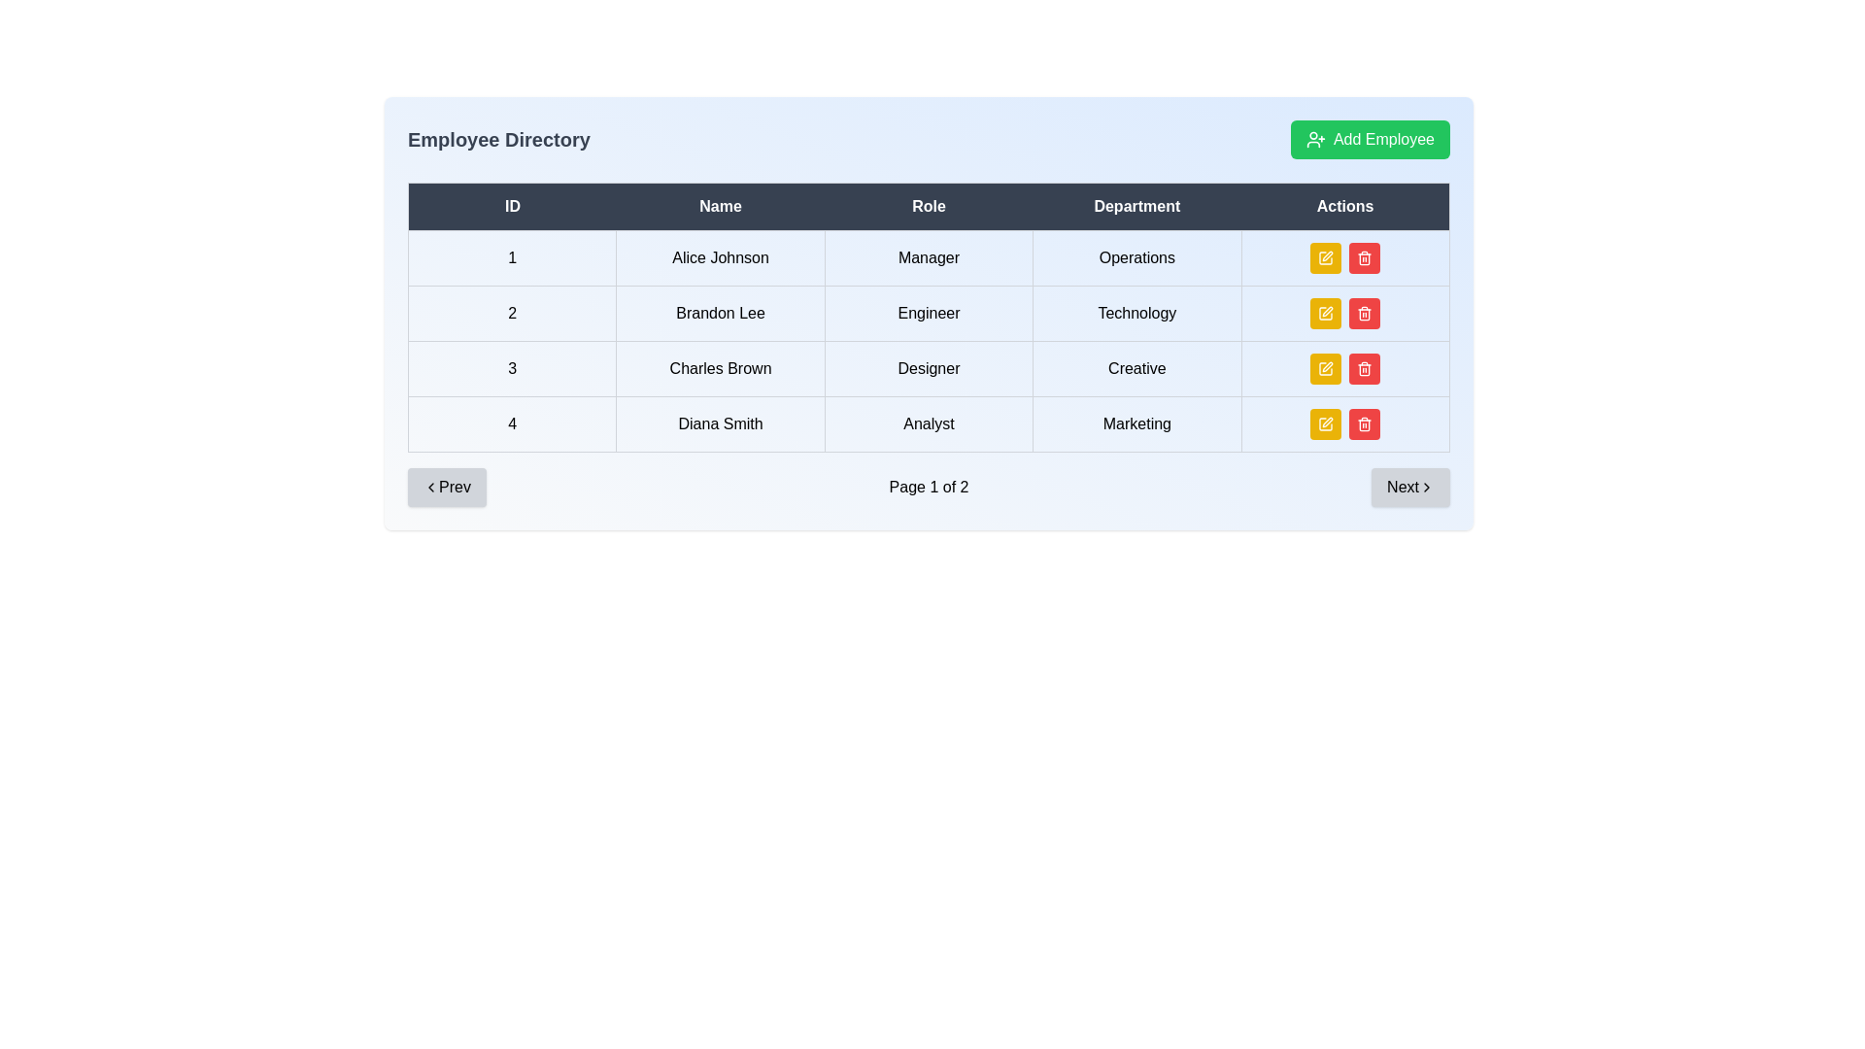  What do you see at coordinates (1327, 254) in the screenshot?
I see `the edit icon in the Actions column of the table associated with the first row (ID 1: Alice Johnson) to initiate editing` at bounding box center [1327, 254].